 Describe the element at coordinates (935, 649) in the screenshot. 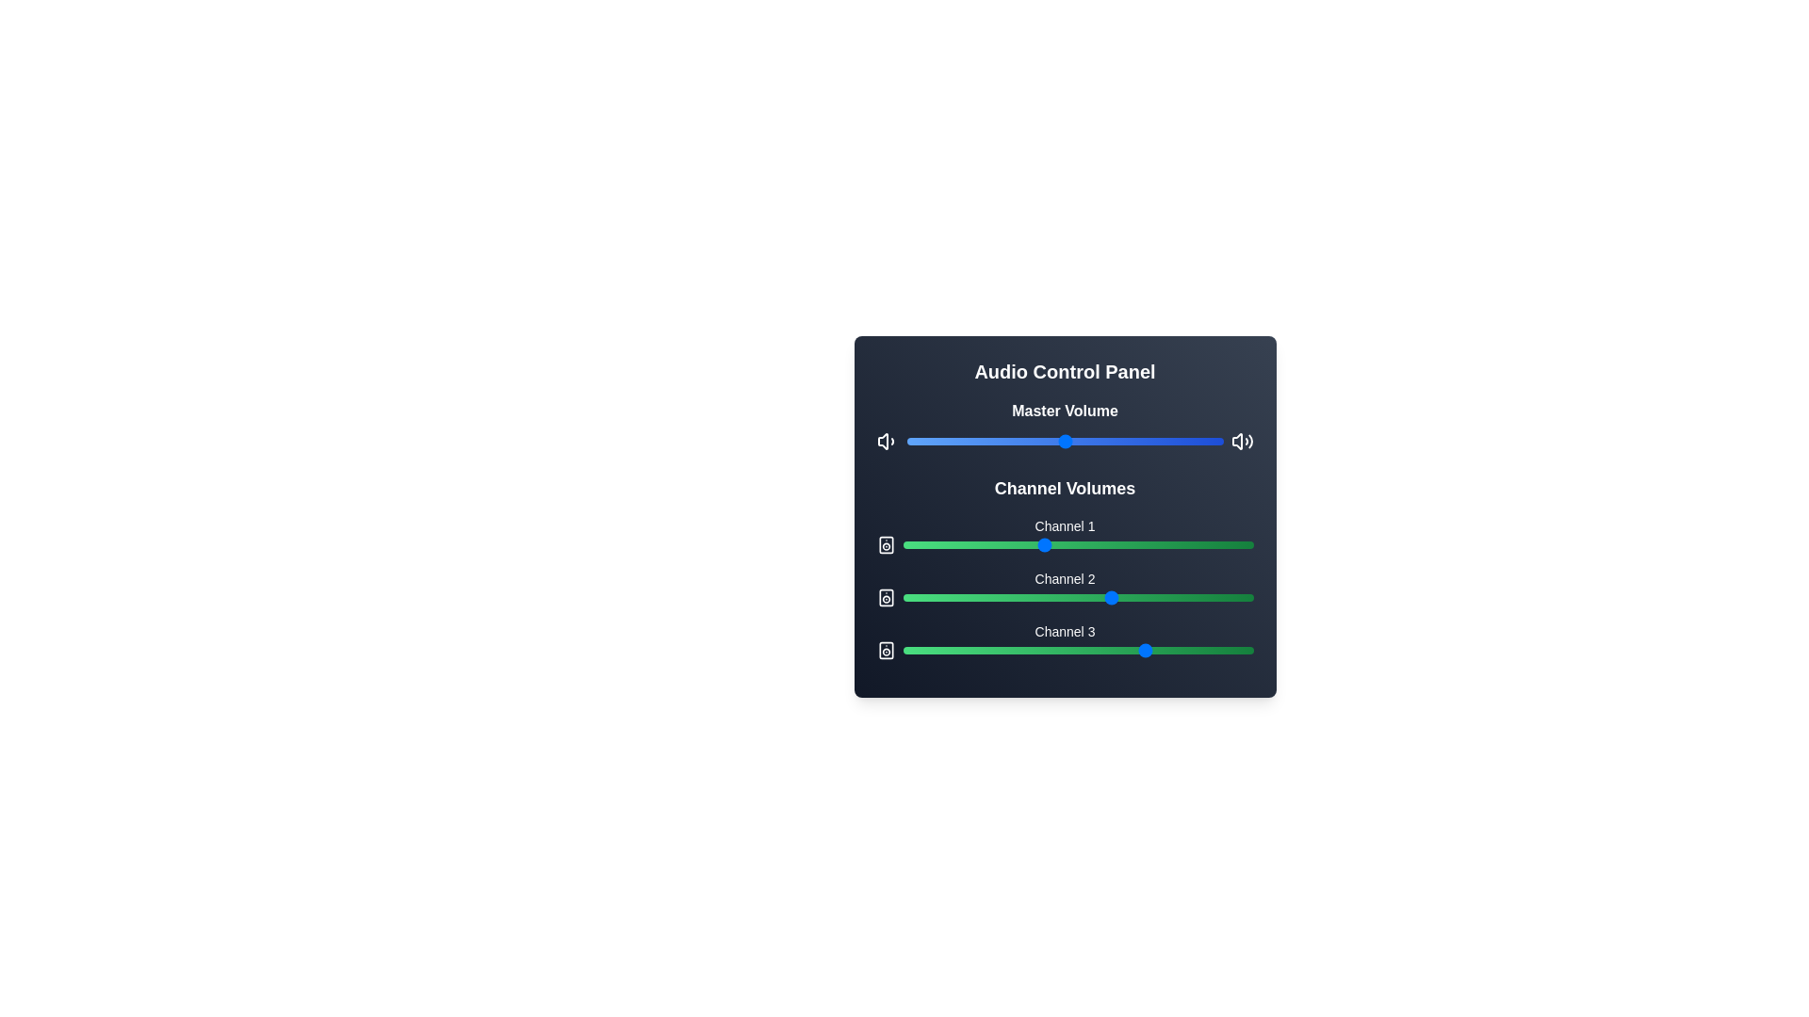

I see `the slider value` at that location.